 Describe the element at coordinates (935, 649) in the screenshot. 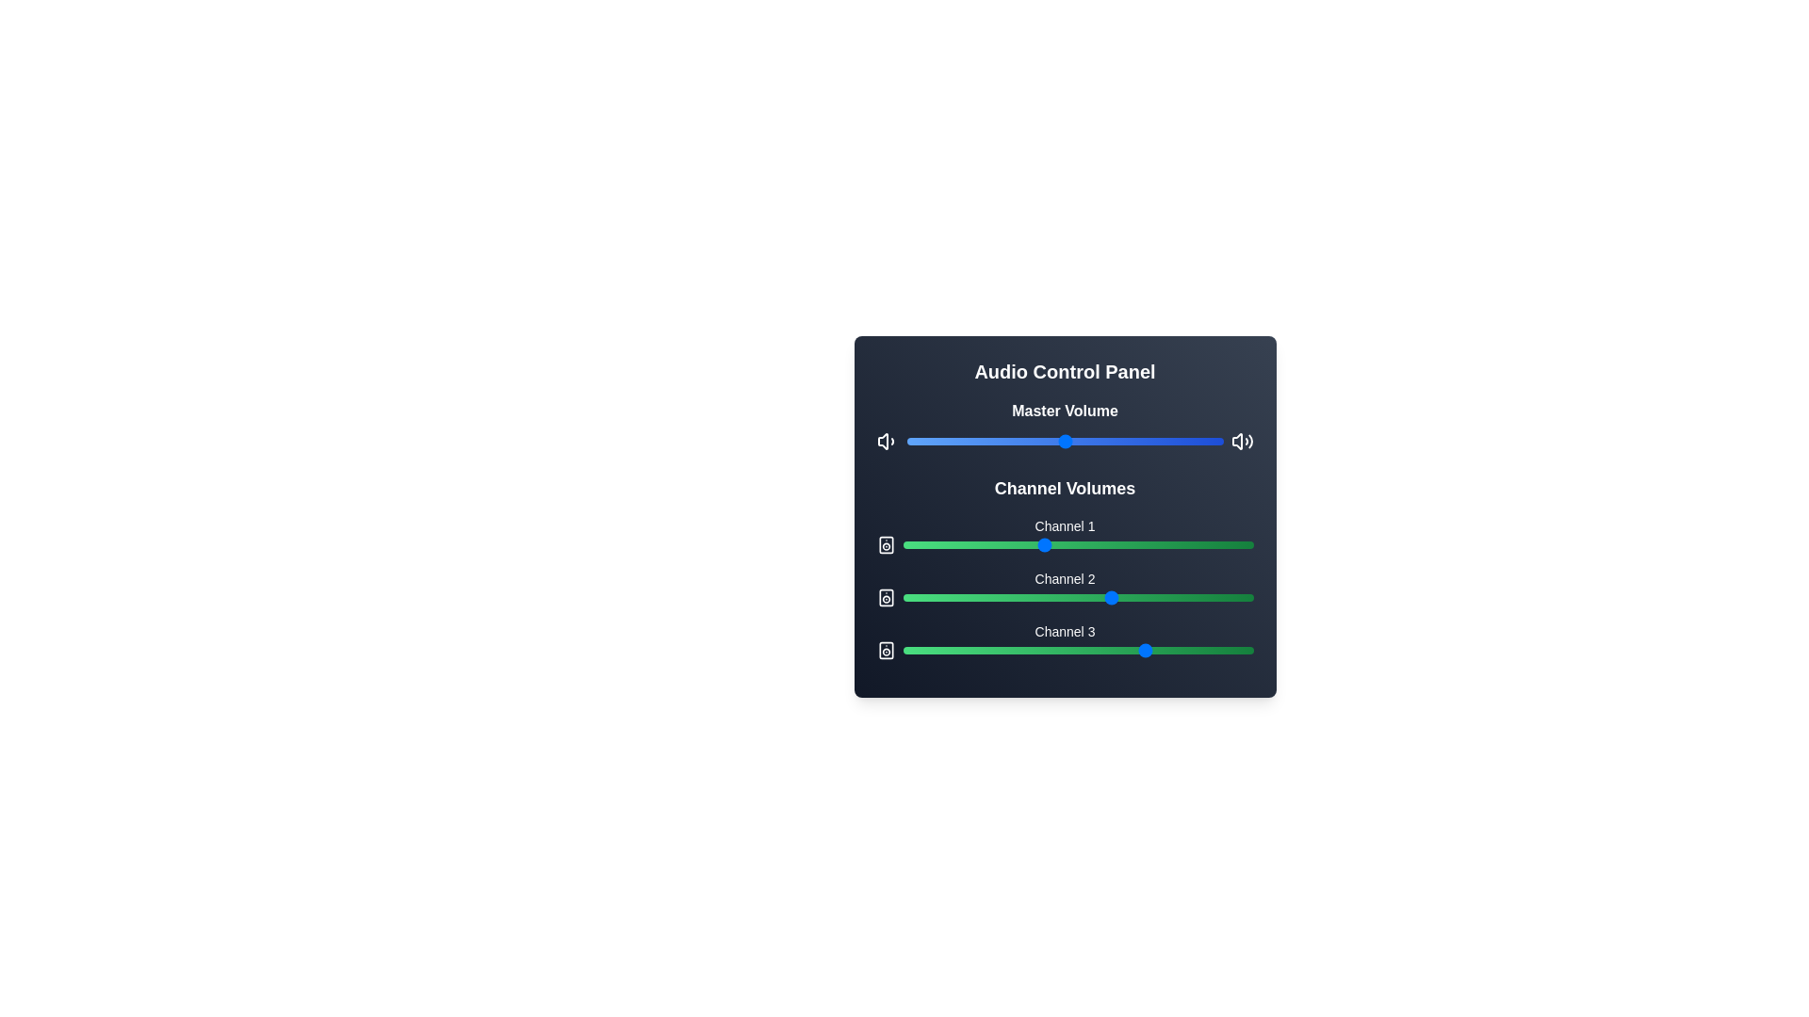

I see `the slider value` at that location.